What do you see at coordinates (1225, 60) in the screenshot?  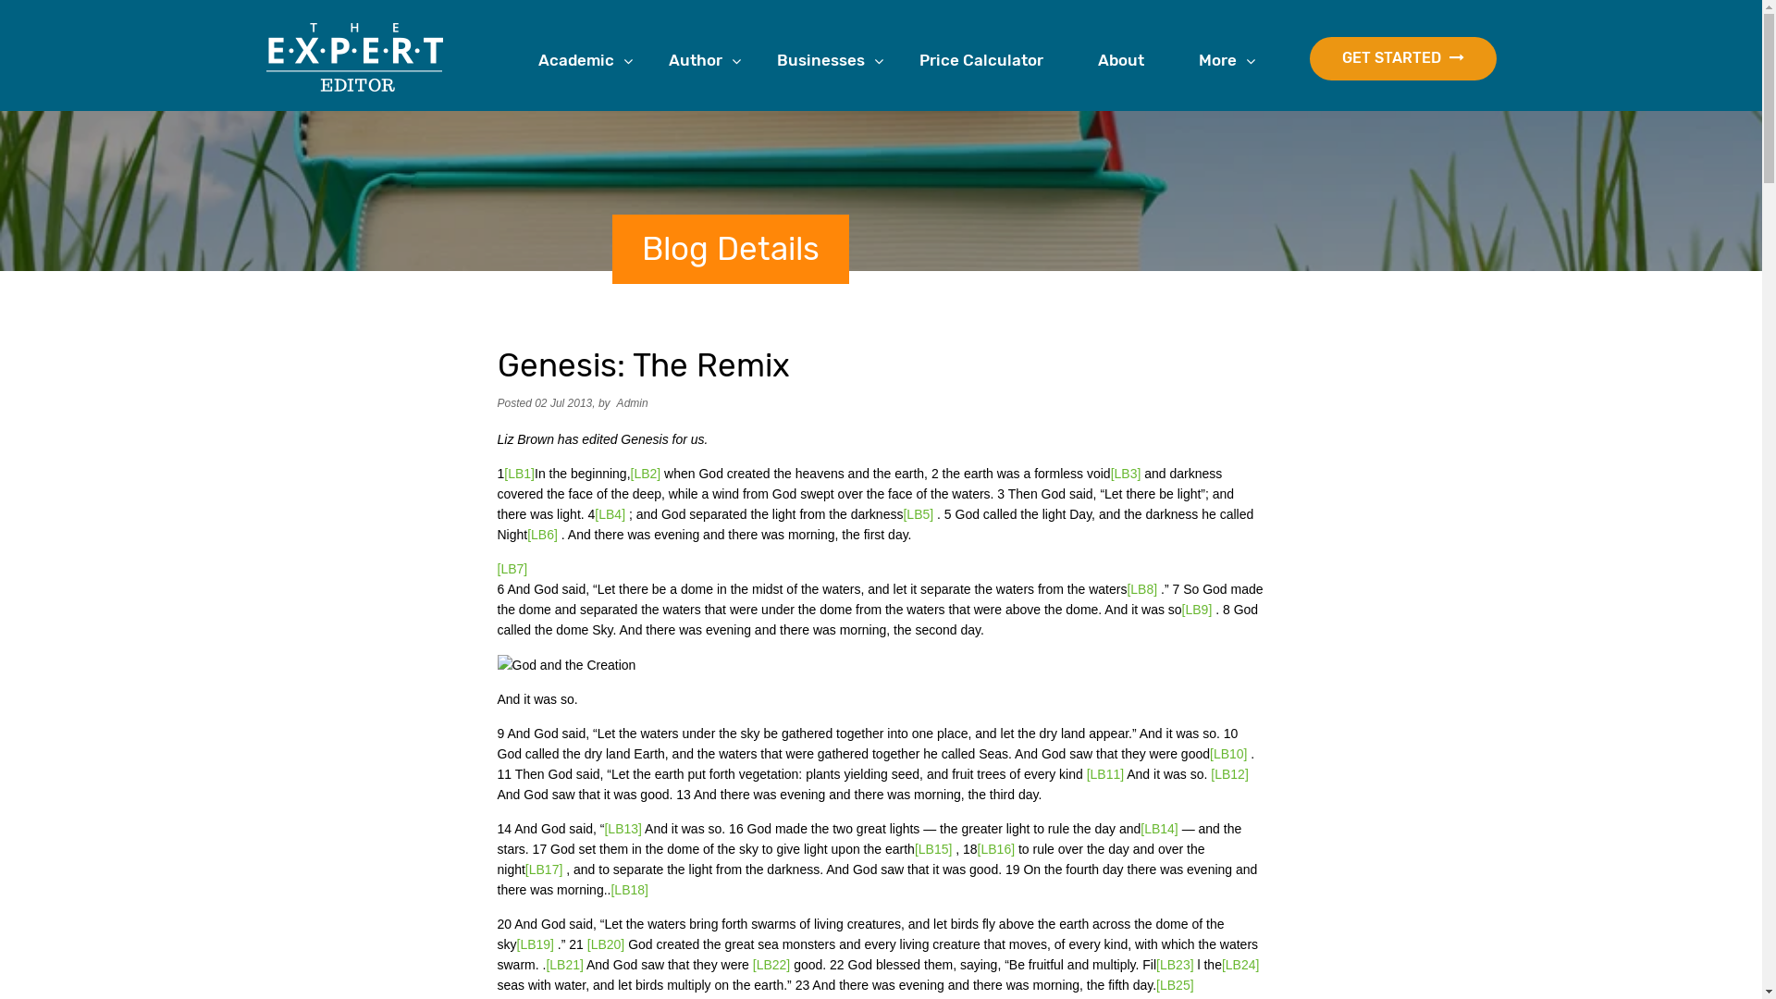 I see `'More'` at bounding box center [1225, 60].